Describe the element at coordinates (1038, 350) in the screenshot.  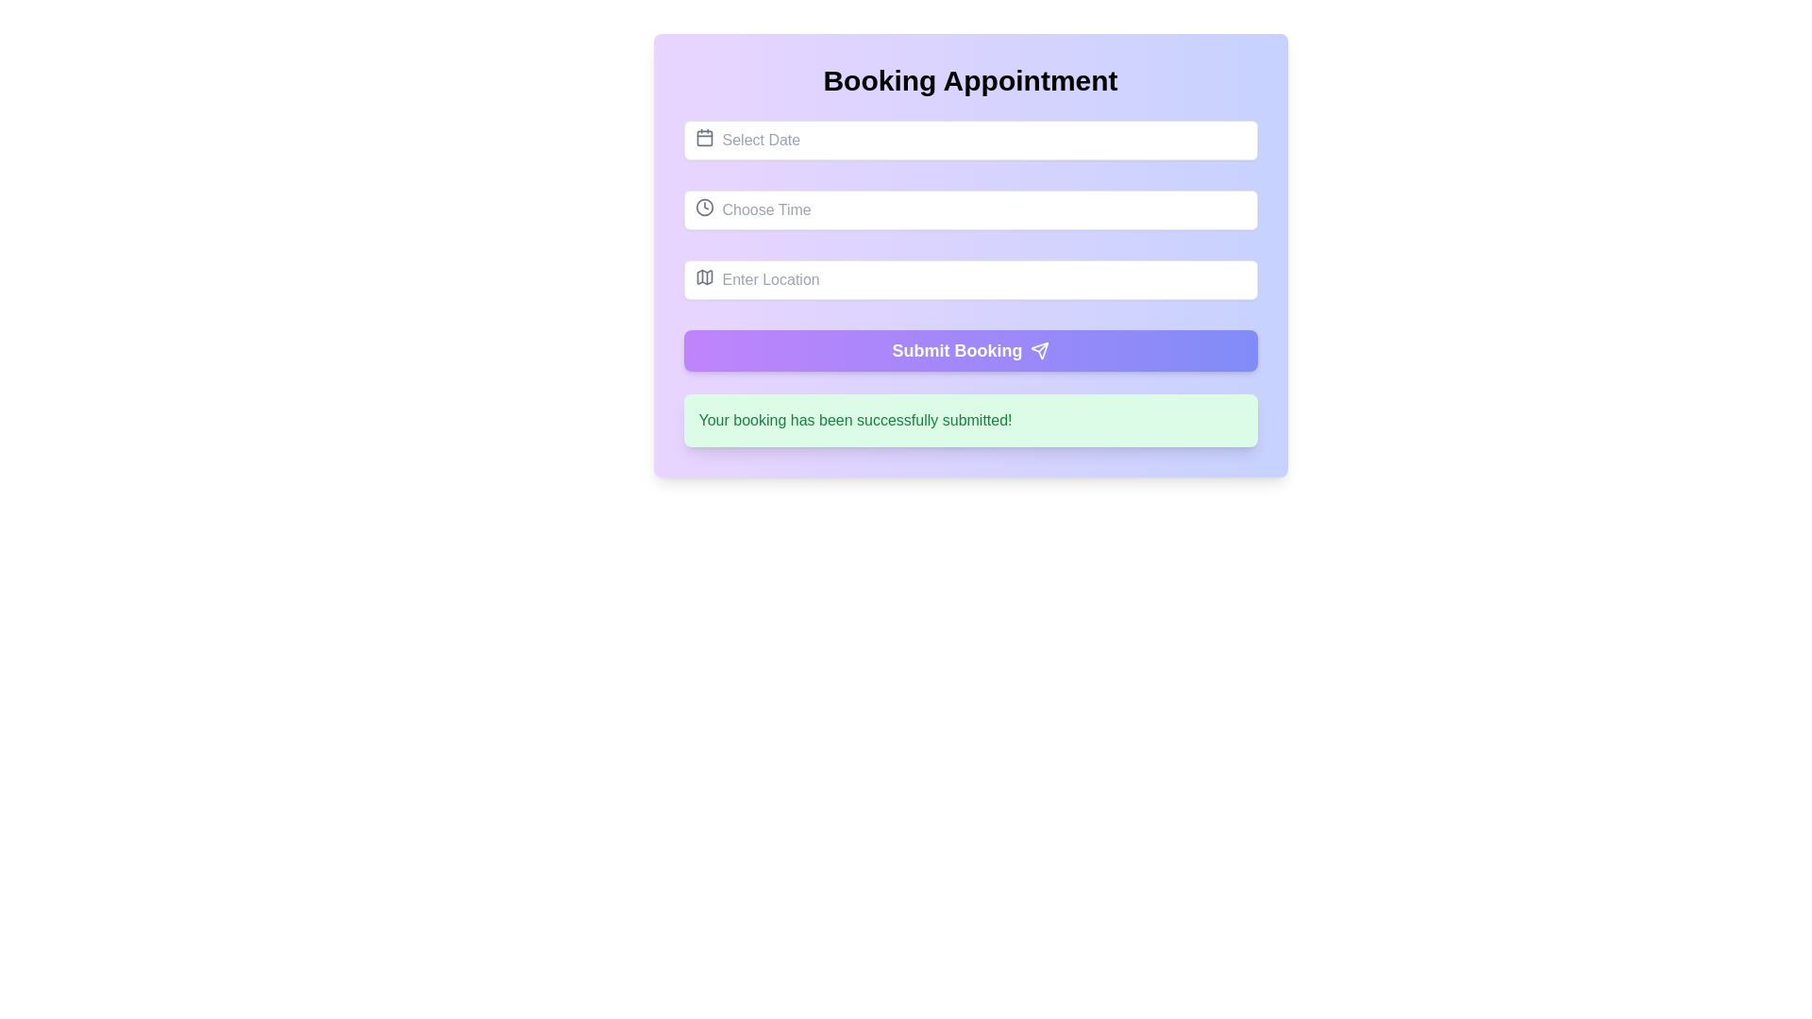
I see `the 'Submit Booking' button which is accompanied by a decorative SVG icon on its right side` at that location.